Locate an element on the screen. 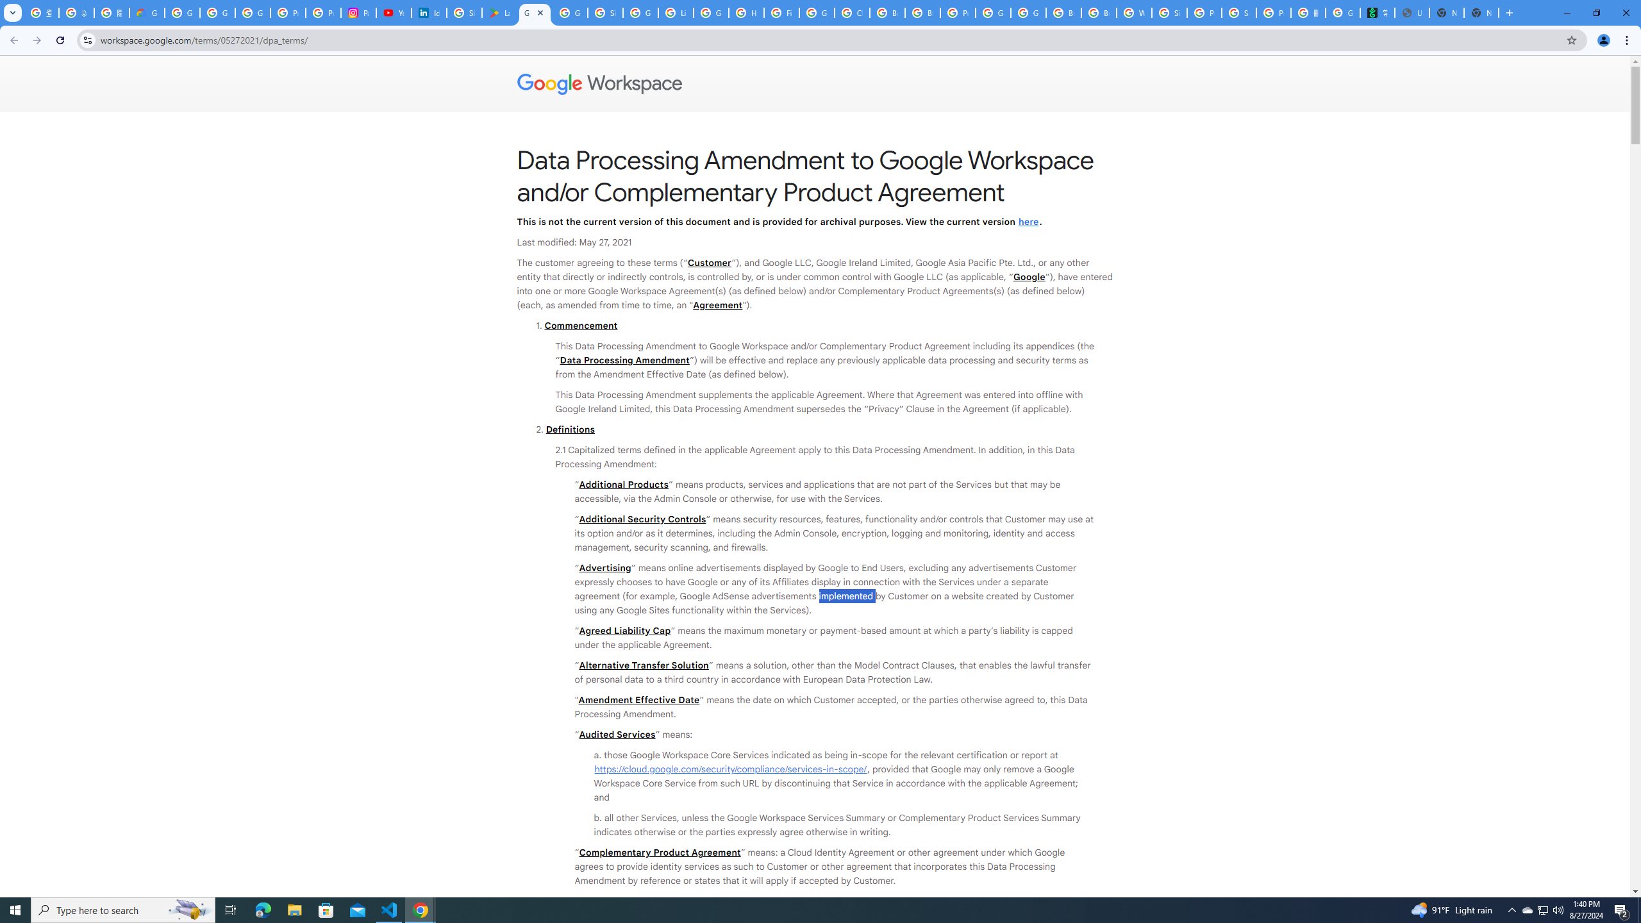 The height and width of the screenshot is (923, 1641). 'Google Cloud Platform' is located at coordinates (993, 12).